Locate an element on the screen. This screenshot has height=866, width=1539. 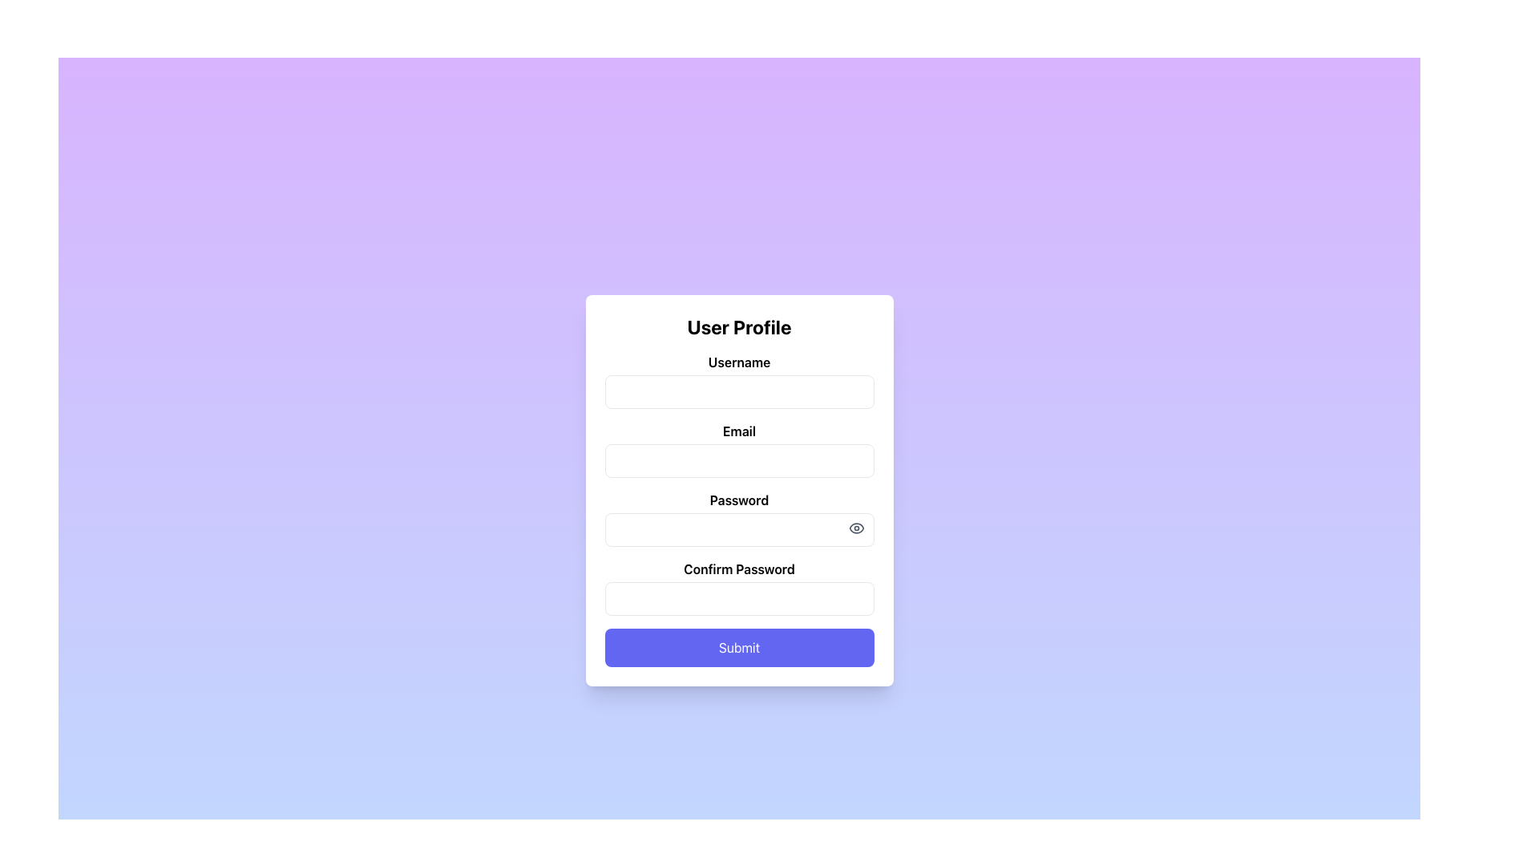
the 'Email' label within the 'User Profile' form, which is styled in bold and medium-sized font and positioned between the 'Username' input field and the 'Password' label is located at coordinates (738, 430).